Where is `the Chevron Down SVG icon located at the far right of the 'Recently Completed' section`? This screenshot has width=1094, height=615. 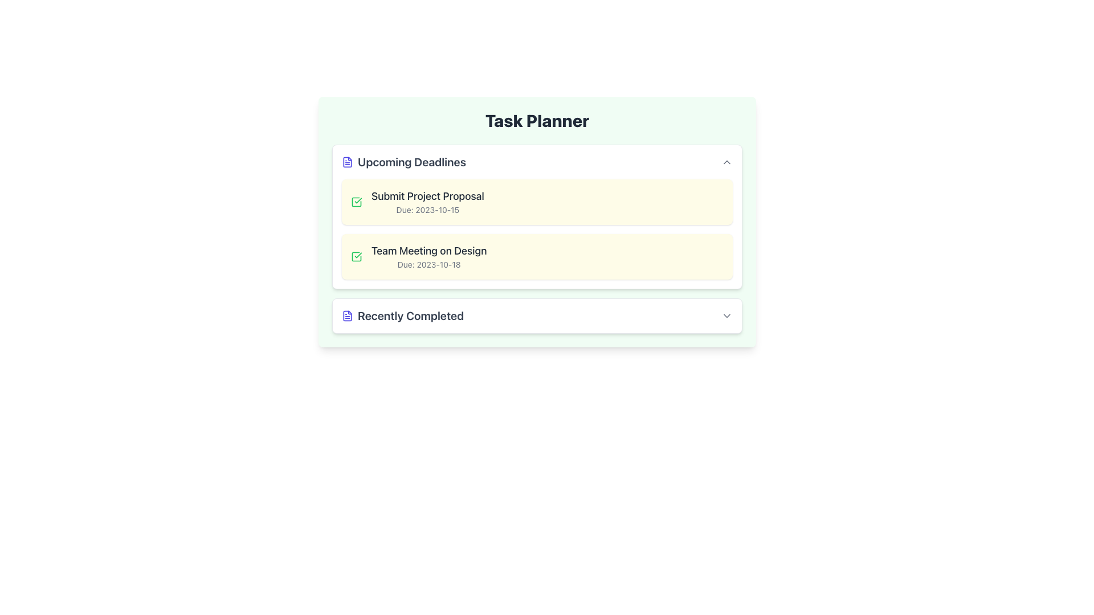 the Chevron Down SVG icon located at the far right of the 'Recently Completed' section is located at coordinates (726, 316).